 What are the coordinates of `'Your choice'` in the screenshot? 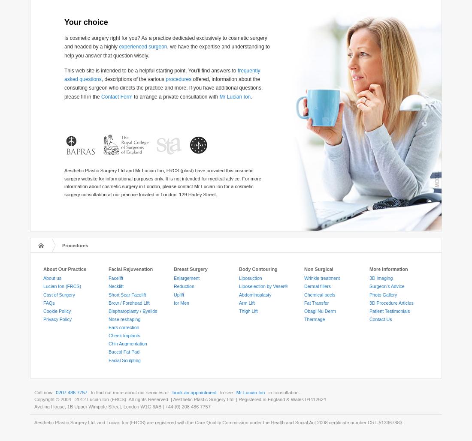 It's located at (85, 22).